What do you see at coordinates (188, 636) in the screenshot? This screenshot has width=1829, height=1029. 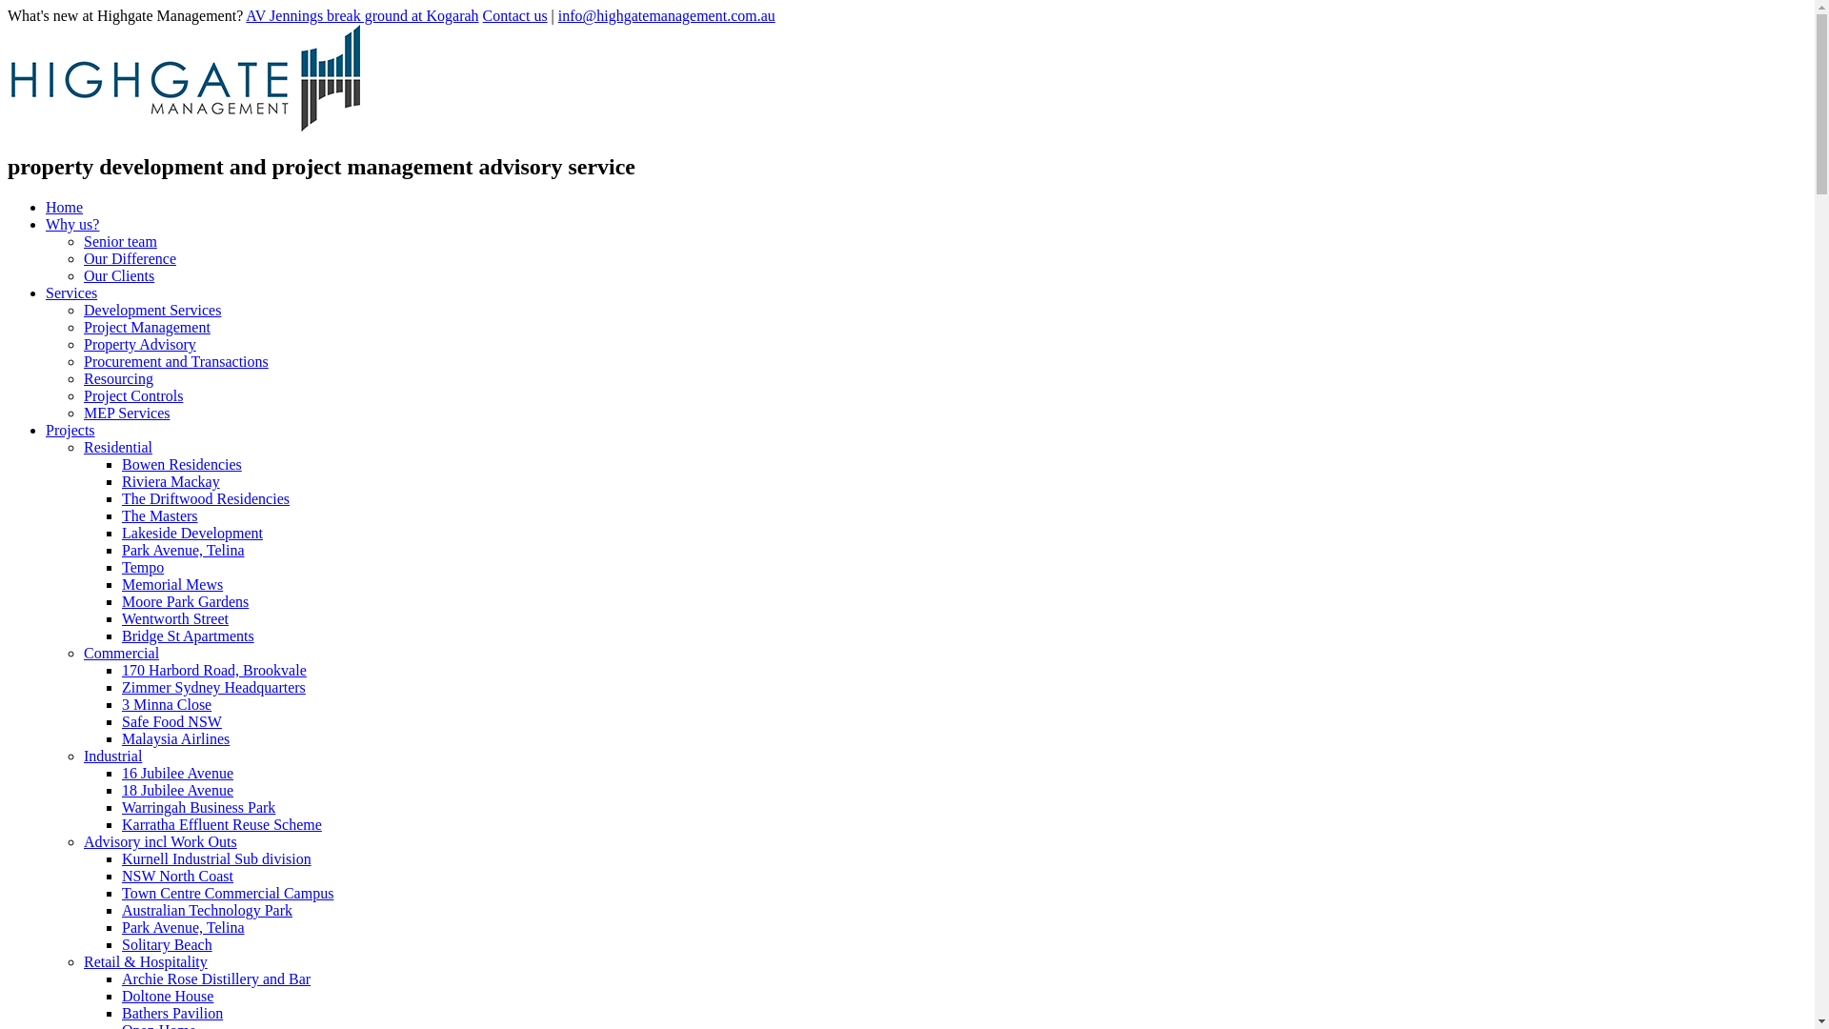 I see `'Bridge St Apartments'` at bounding box center [188, 636].